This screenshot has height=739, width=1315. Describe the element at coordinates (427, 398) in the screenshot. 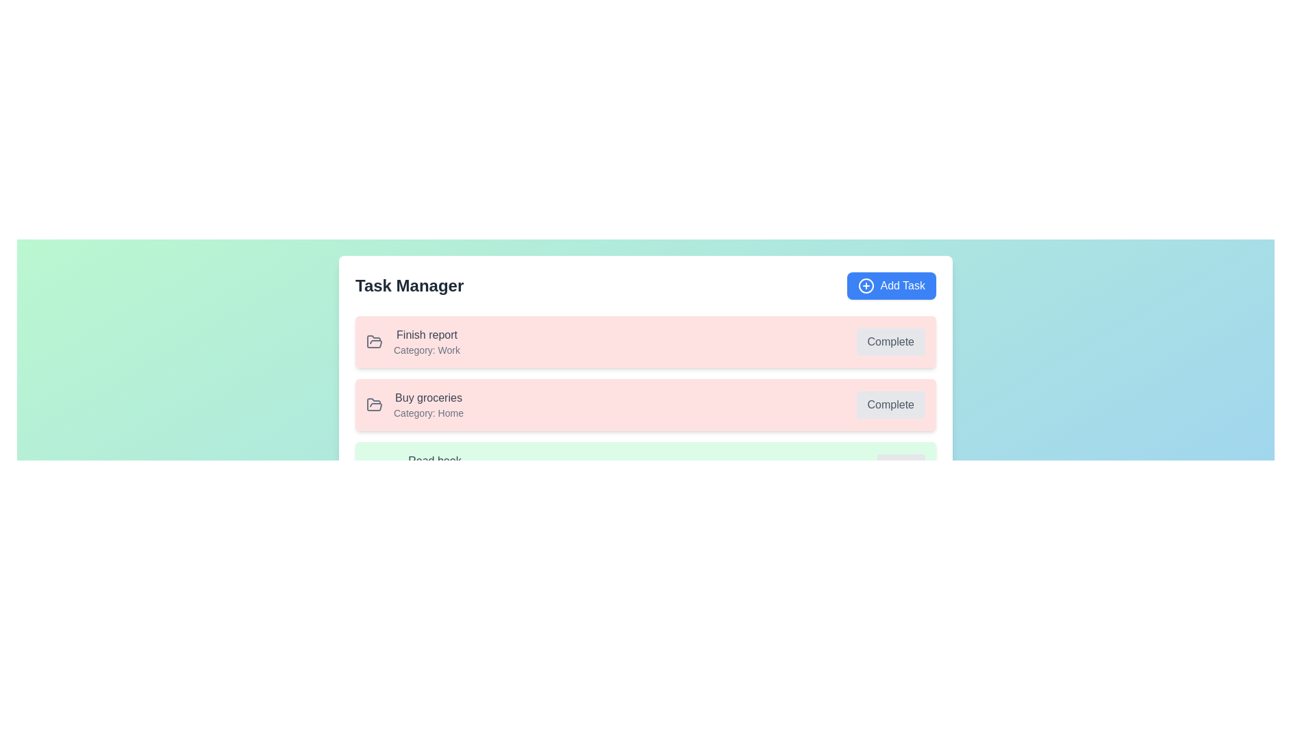

I see `the static text label that serves as a descriptor for the second task card in the 'Task Manager' section of the application` at that location.